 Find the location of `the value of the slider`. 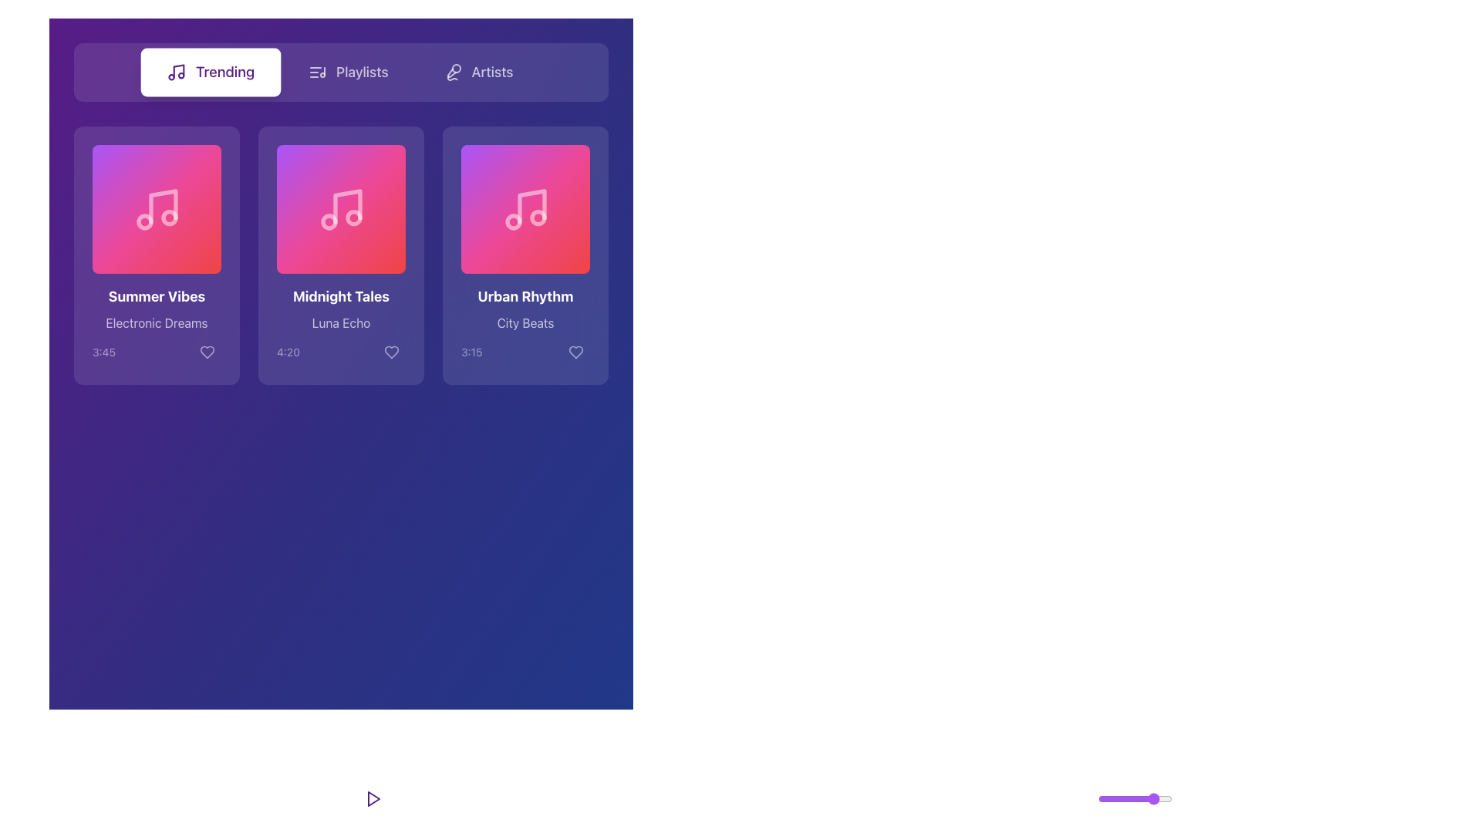

the value of the slider is located at coordinates (1132, 798).